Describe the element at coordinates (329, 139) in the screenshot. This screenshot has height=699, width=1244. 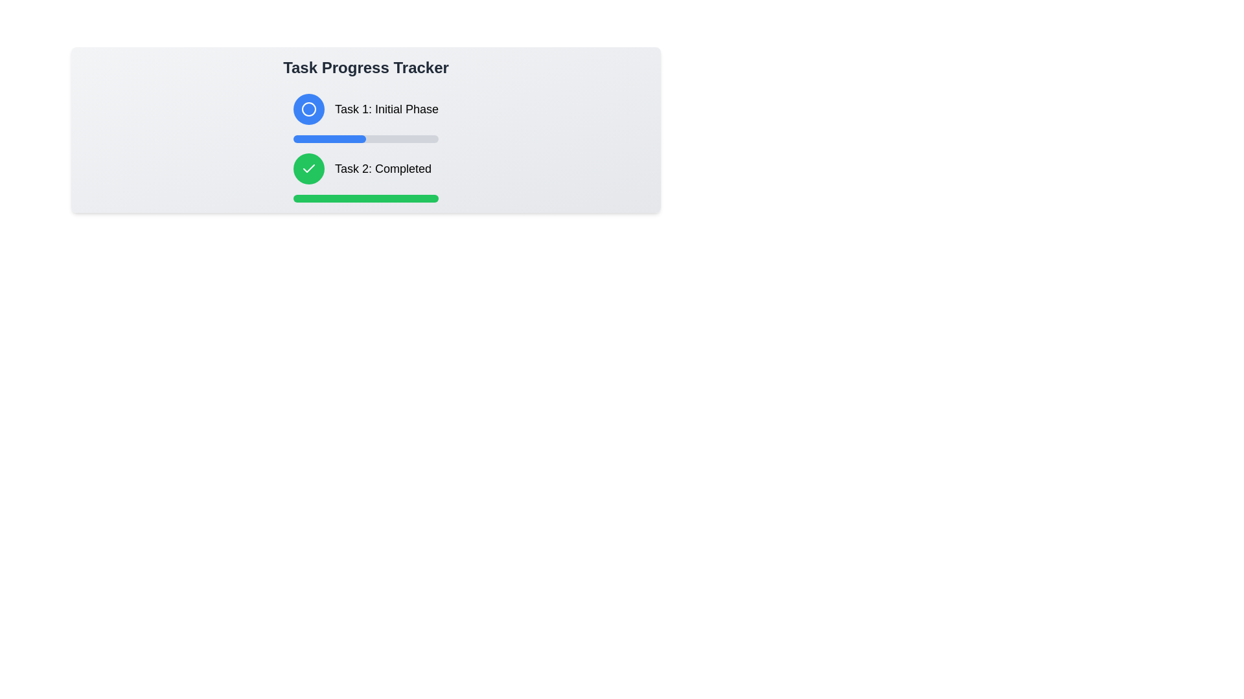
I see `the leftmost 50% segment of the gray progress bar representing progress for 'Task 1: Initial Phase', located beneath the corresponding text and adjacent to a blue circular icon` at that location.